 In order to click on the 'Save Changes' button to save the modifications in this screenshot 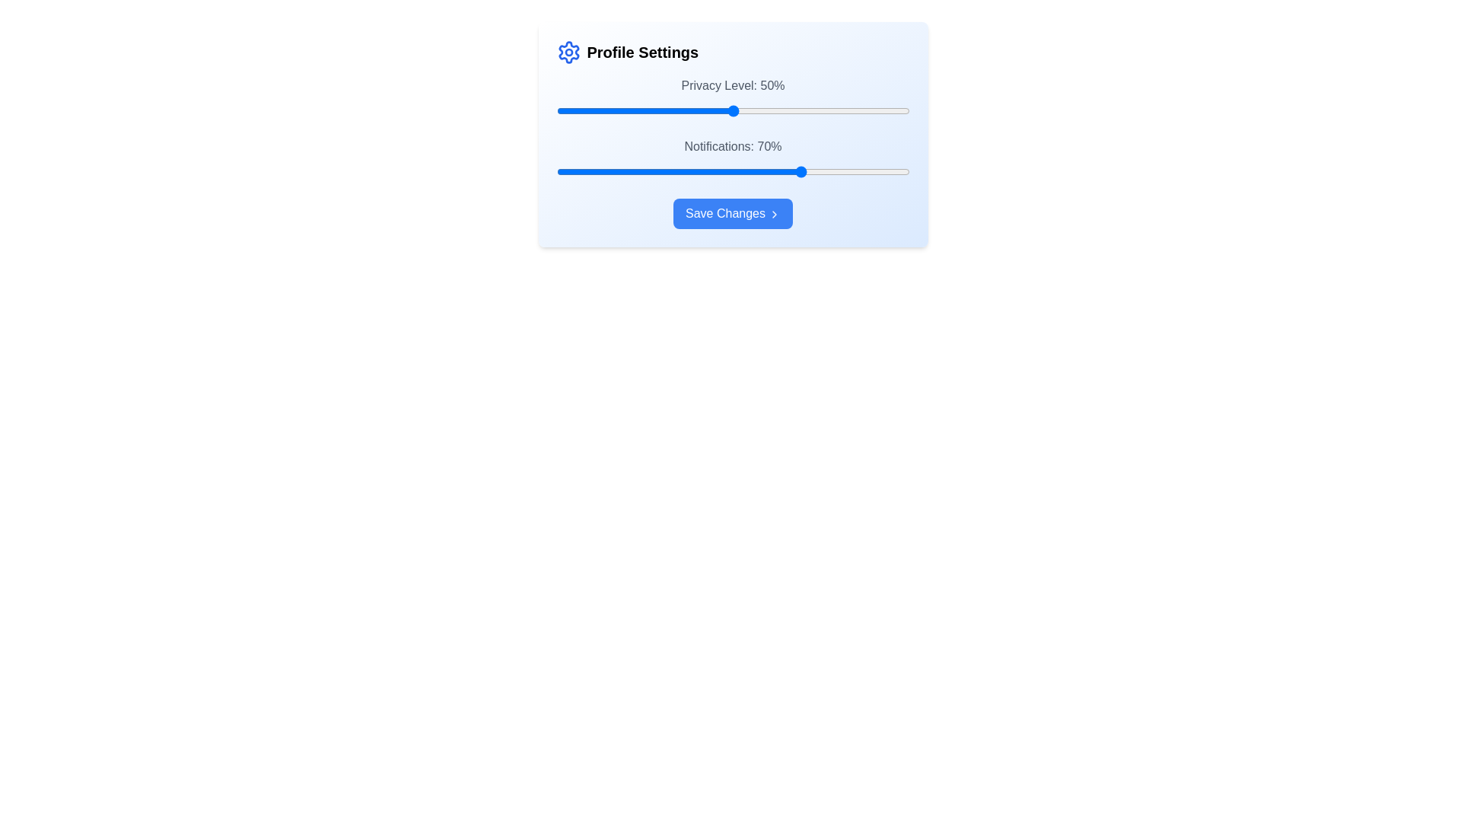, I will do `click(733, 214)`.